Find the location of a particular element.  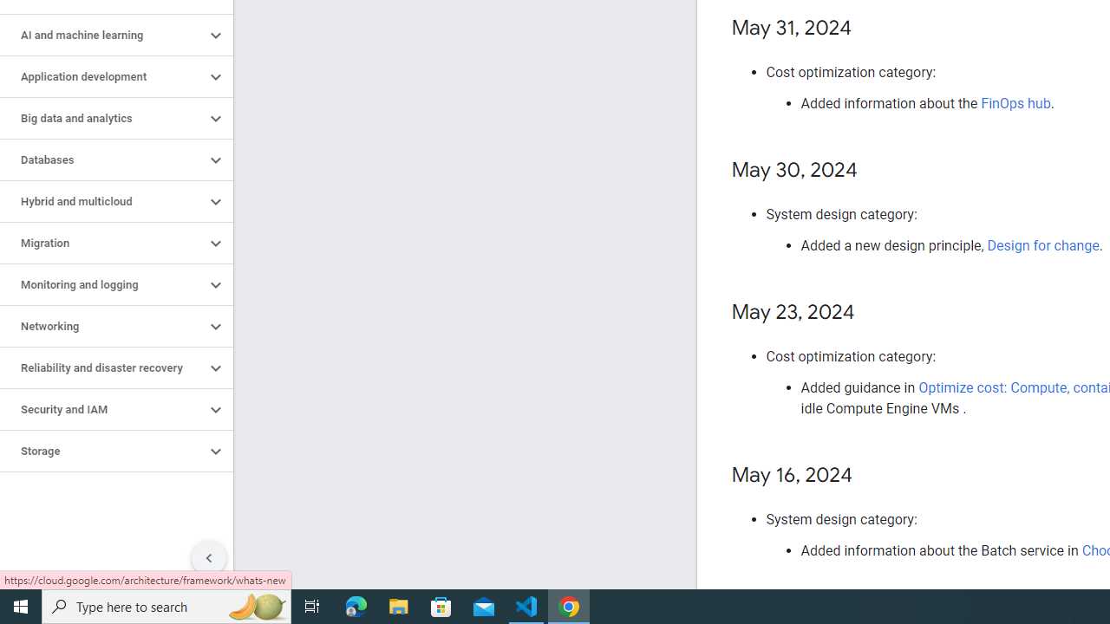

'Application development' is located at coordinates (101, 75).